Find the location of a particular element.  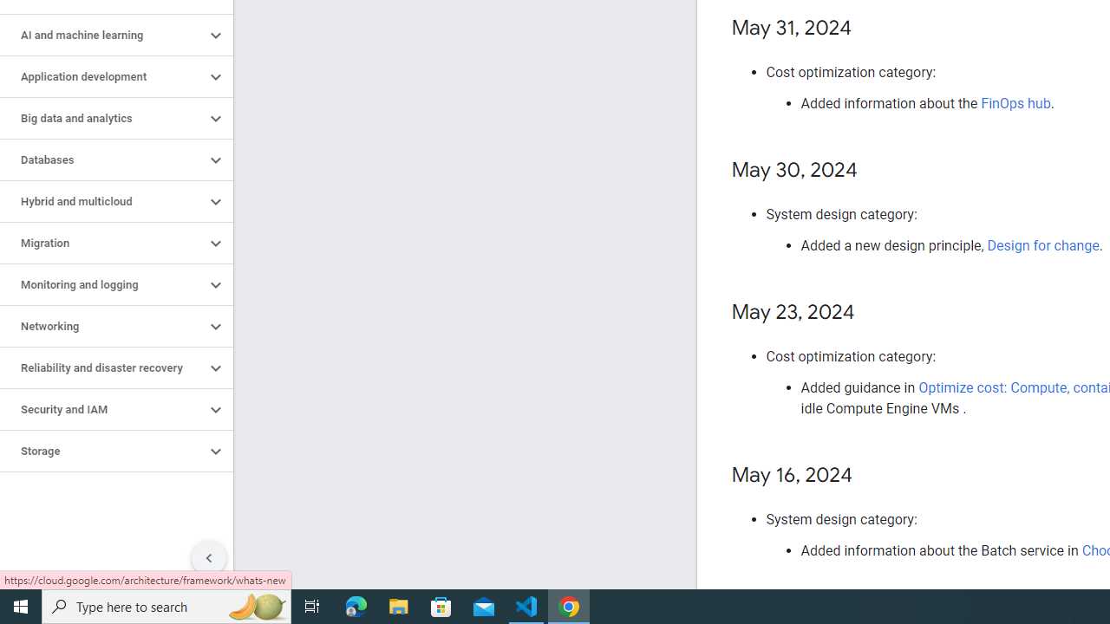

'Application development' is located at coordinates (101, 75).